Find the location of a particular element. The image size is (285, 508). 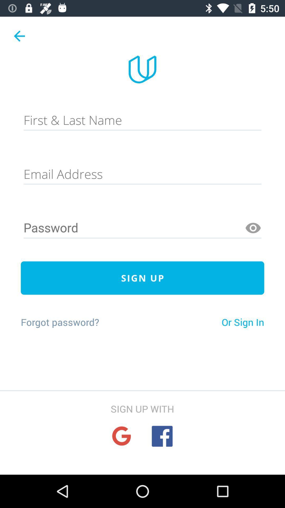

google sign-up option is located at coordinates (121, 436).